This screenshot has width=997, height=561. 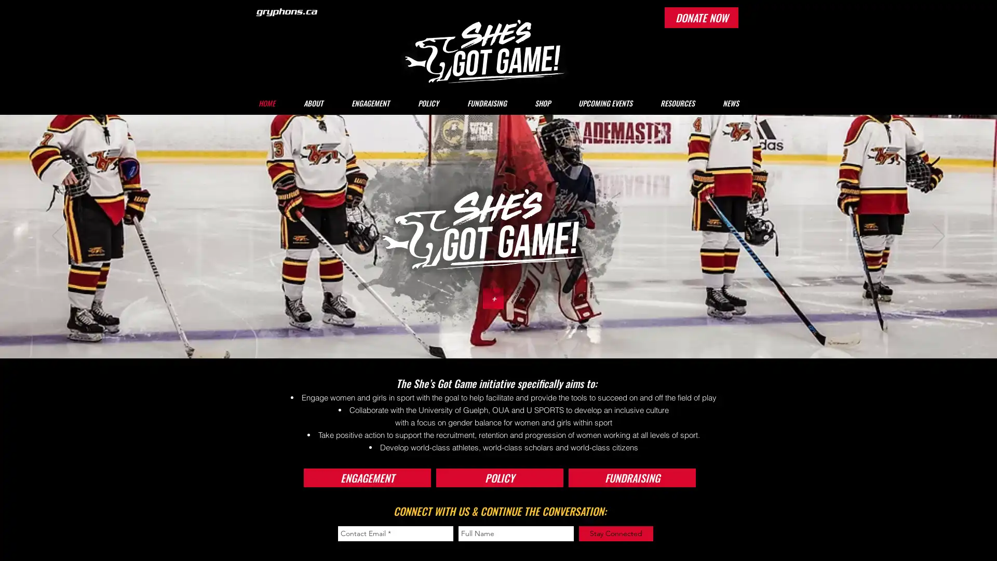 What do you see at coordinates (616, 533) in the screenshot?
I see `Stay Connected` at bounding box center [616, 533].